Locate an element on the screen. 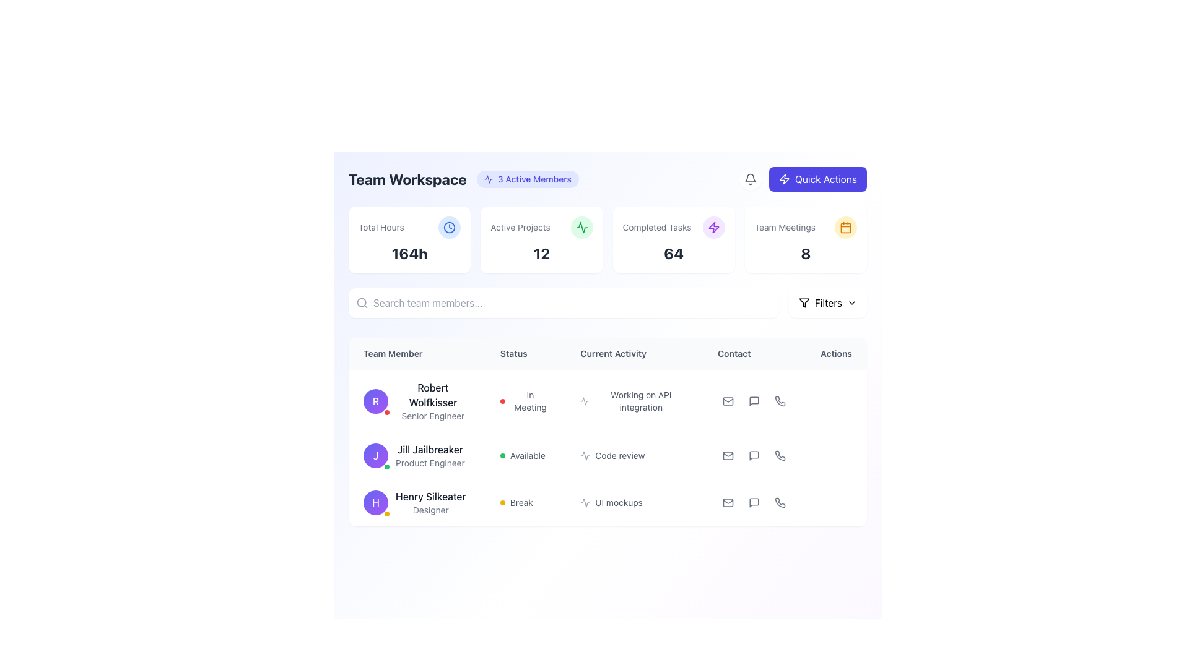 Image resolution: width=1189 pixels, height=668 pixels. the text label 'Code review' with an accompanying heartbeat icon in the 'Current Activity' column, located in the second row for 'Jill Jailbreaker' is located at coordinates (634, 455).